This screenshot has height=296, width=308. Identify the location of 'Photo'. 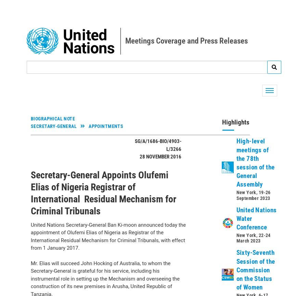
(45, 283).